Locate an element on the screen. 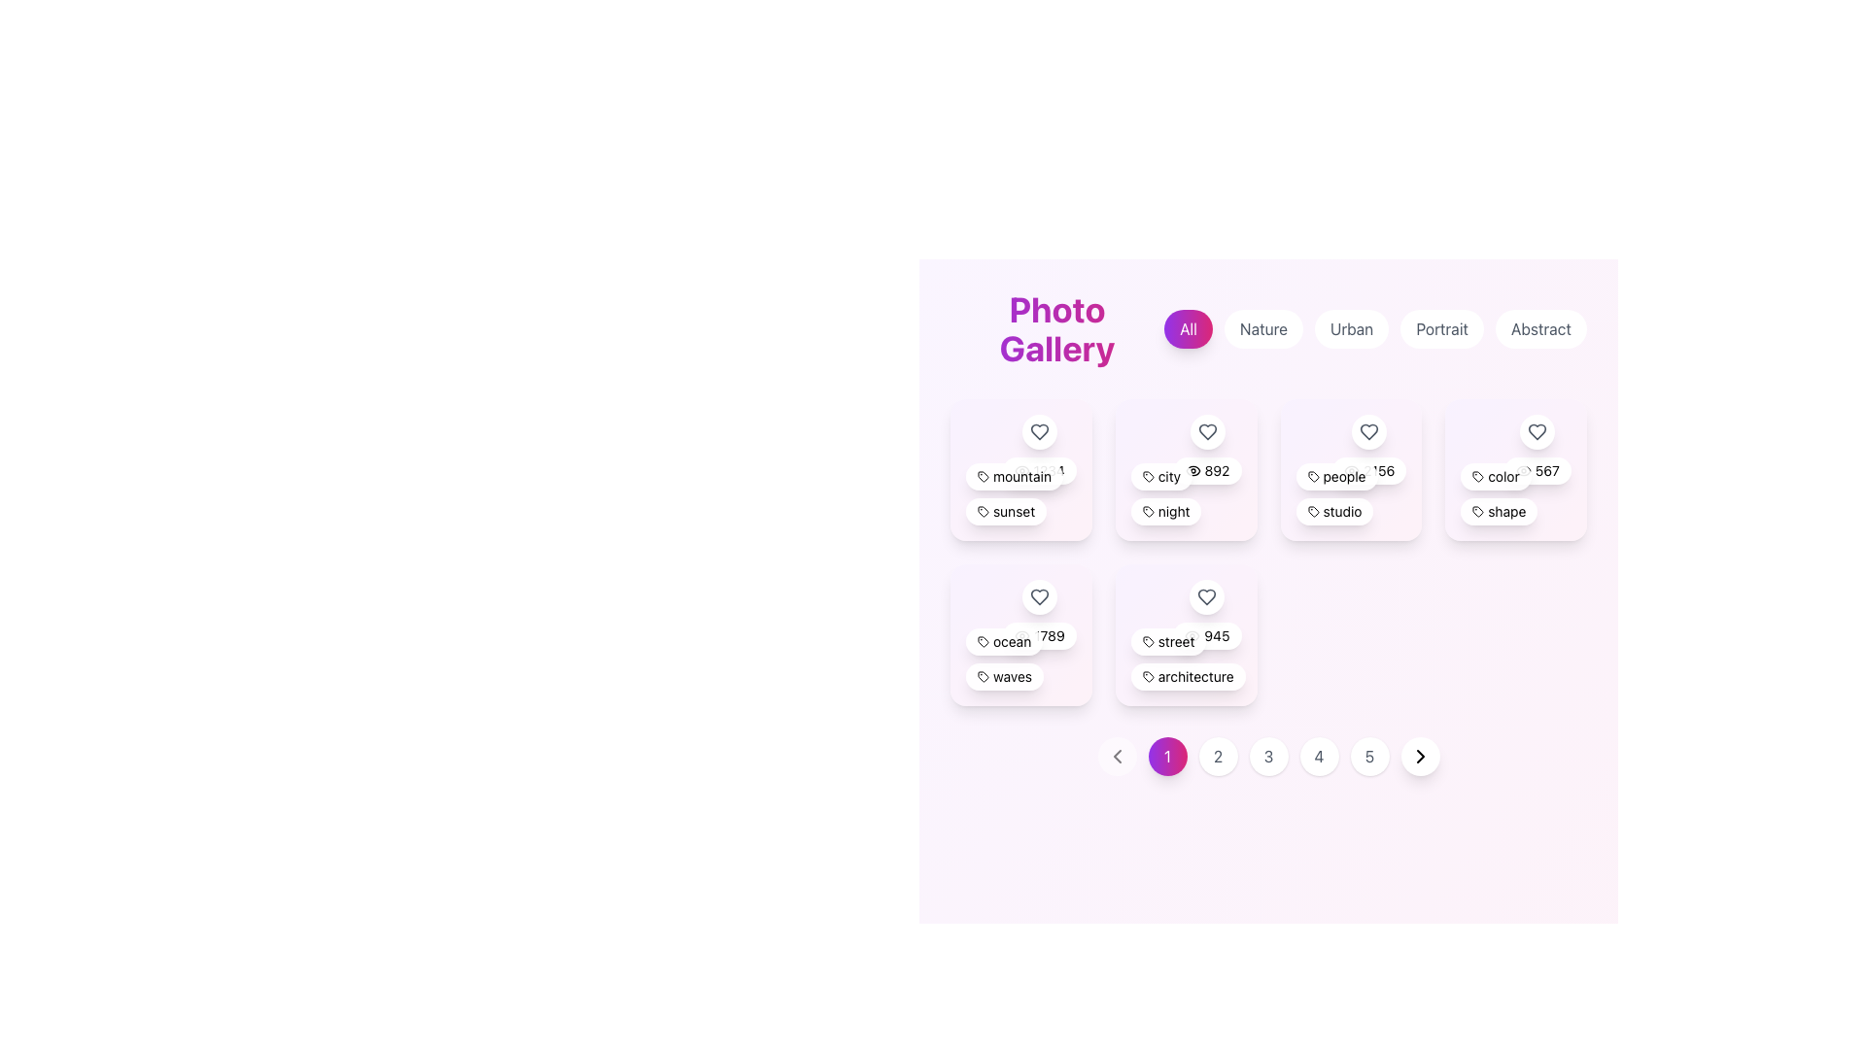 This screenshot has width=1866, height=1049. the button in the second row, third column of the grid layout that marks an item as a favorite is located at coordinates (1206, 595).